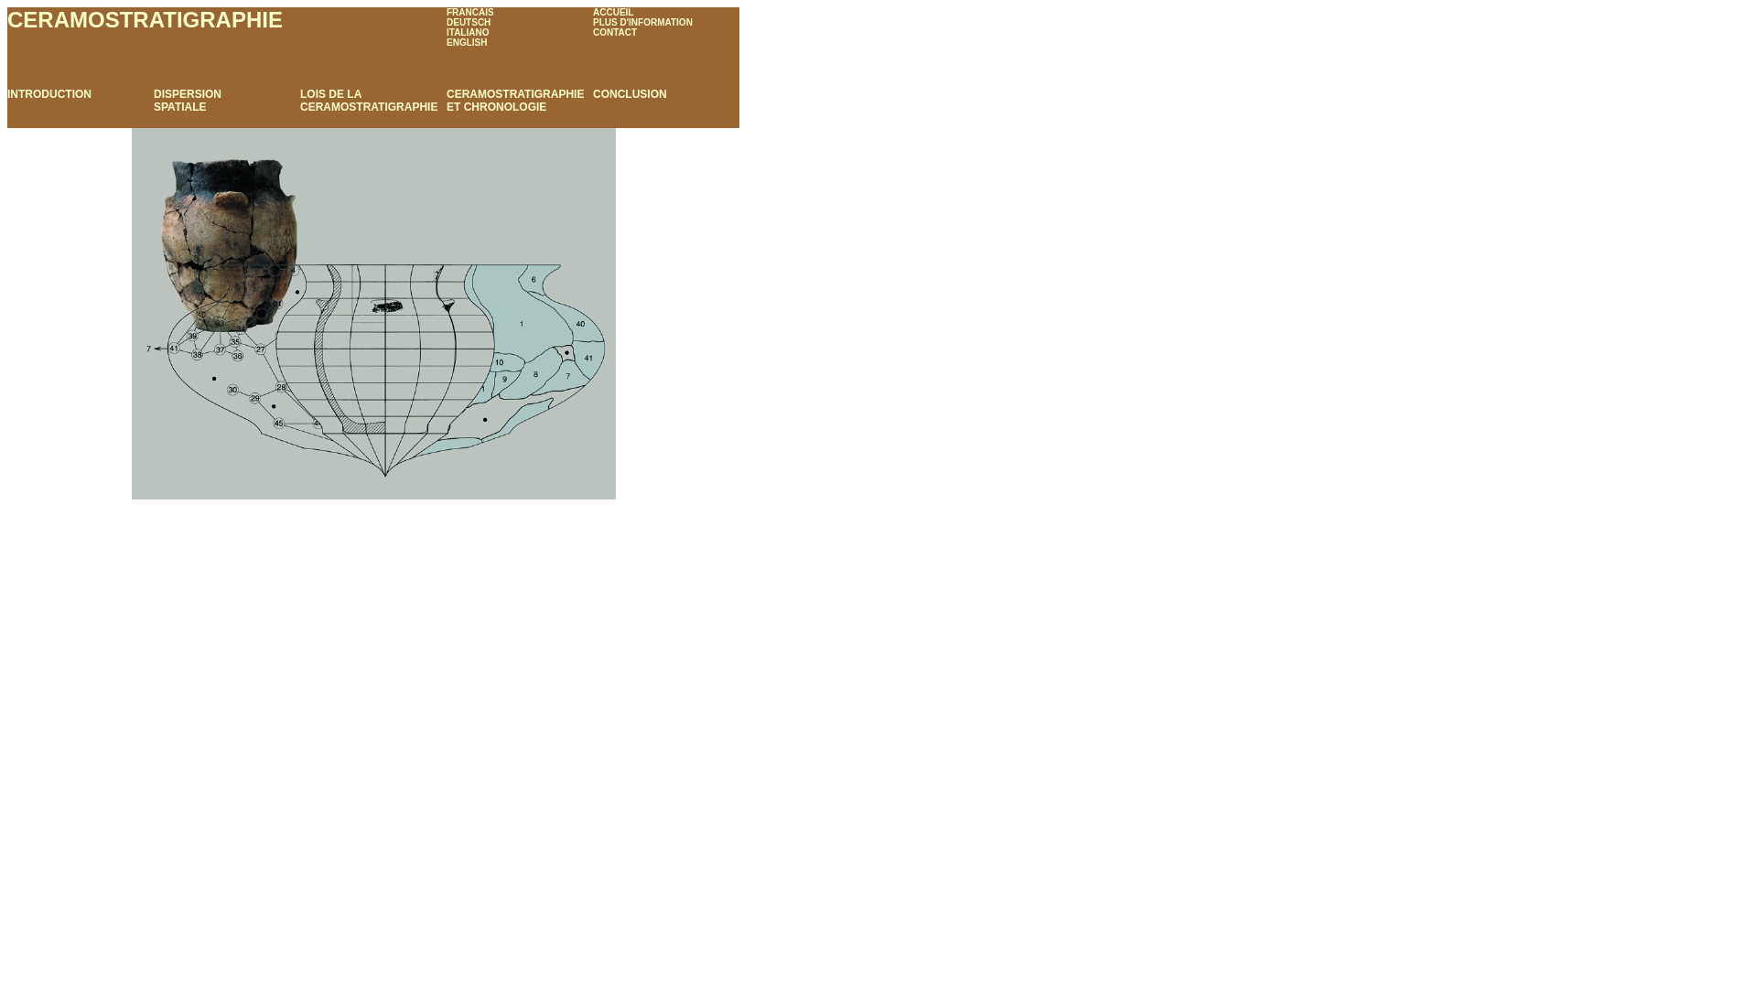 Image resolution: width=1757 pixels, height=988 pixels. I want to click on 'INTRODUCTION', so click(49, 94).